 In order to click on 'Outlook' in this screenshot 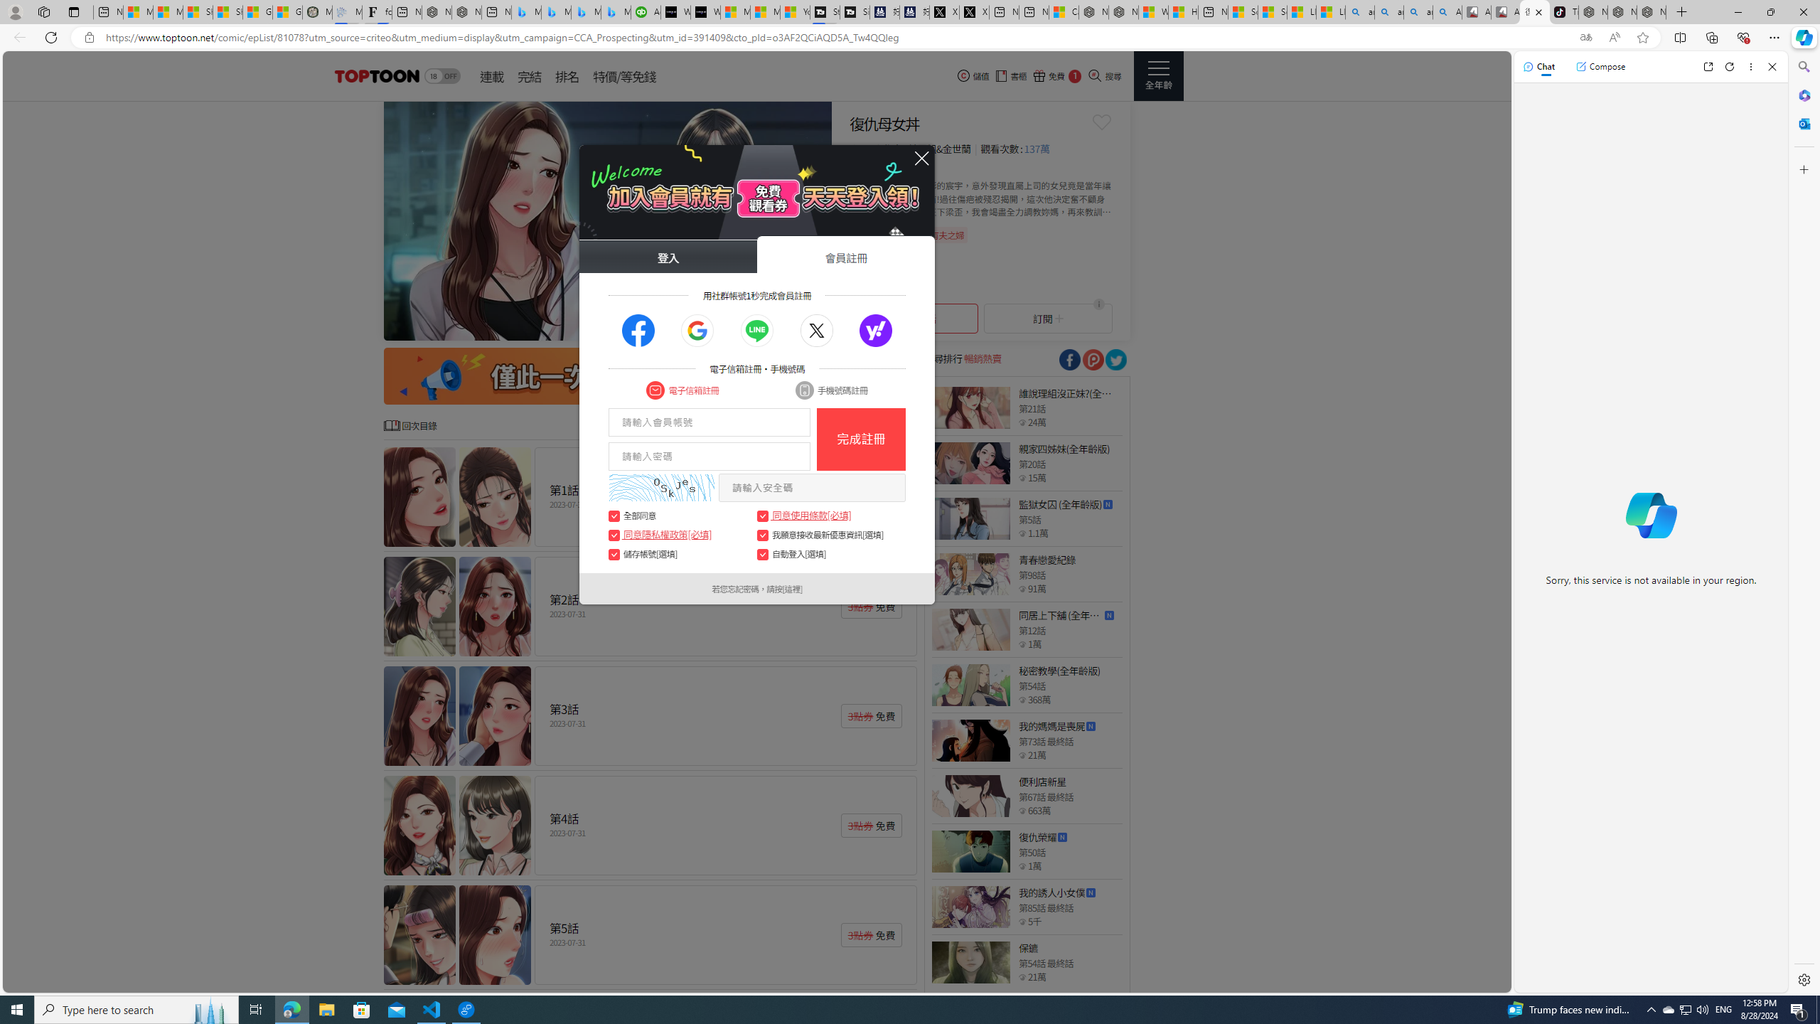, I will do `click(1802, 122)`.